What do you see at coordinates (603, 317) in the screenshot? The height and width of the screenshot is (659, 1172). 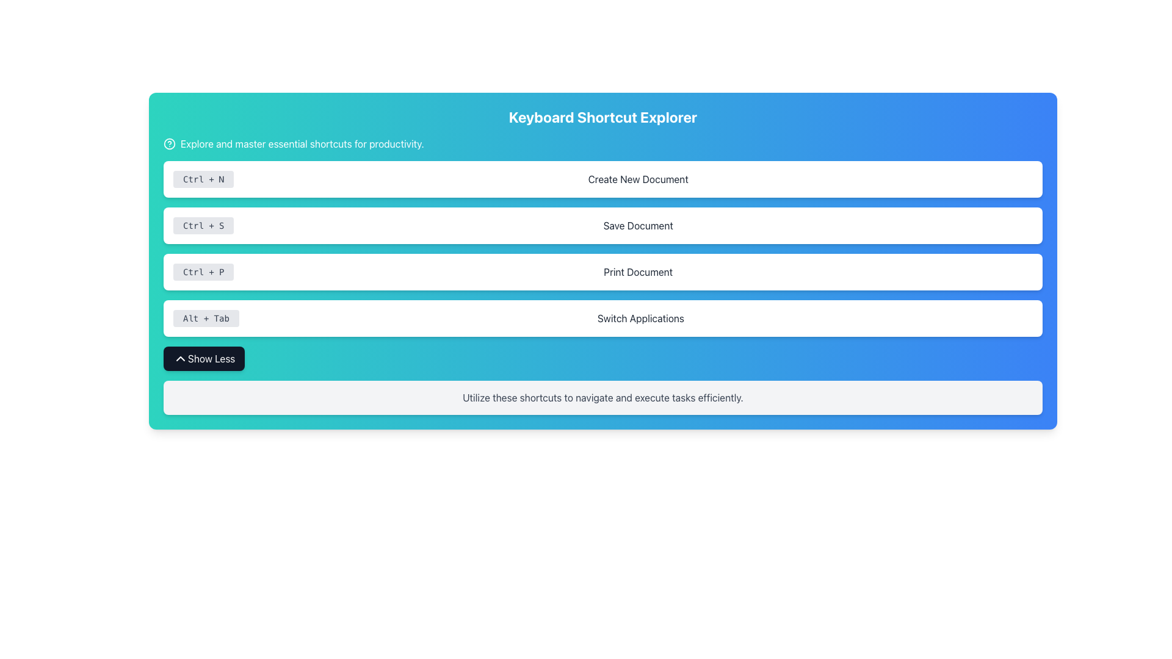 I see `the Informational block displaying 'Alt + Tab' and 'Switch Applications', which is the fourth item in the vertical list with a gray background and white rectangular shape` at bounding box center [603, 317].